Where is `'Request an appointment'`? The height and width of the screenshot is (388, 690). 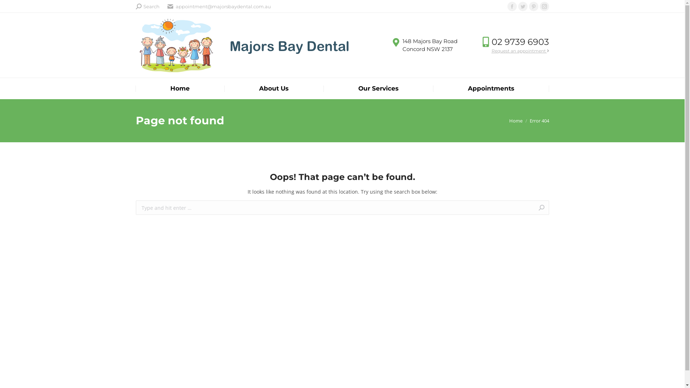
'Request an appointment' is located at coordinates (520, 50).